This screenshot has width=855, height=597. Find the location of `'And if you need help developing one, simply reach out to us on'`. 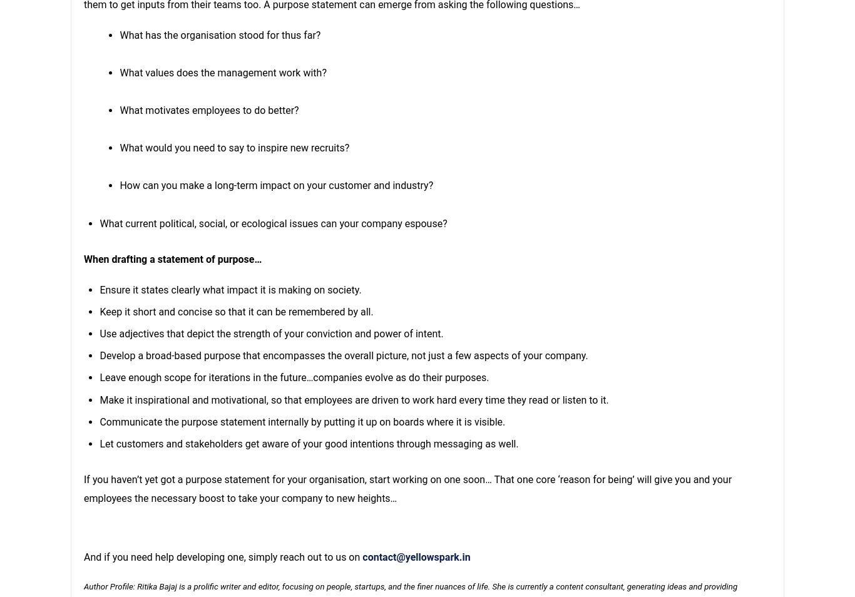

'And if you need help developing one, simply reach out to us on' is located at coordinates (222, 557).